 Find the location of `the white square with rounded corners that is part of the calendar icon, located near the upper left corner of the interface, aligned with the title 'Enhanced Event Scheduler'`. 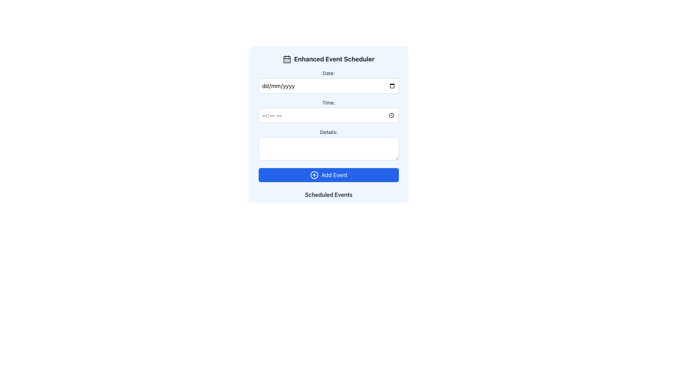

the white square with rounded corners that is part of the calendar icon, located near the upper left corner of the interface, aligned with the title 'Enhanced Event Scheduler' is located at coordinates (287, 59).